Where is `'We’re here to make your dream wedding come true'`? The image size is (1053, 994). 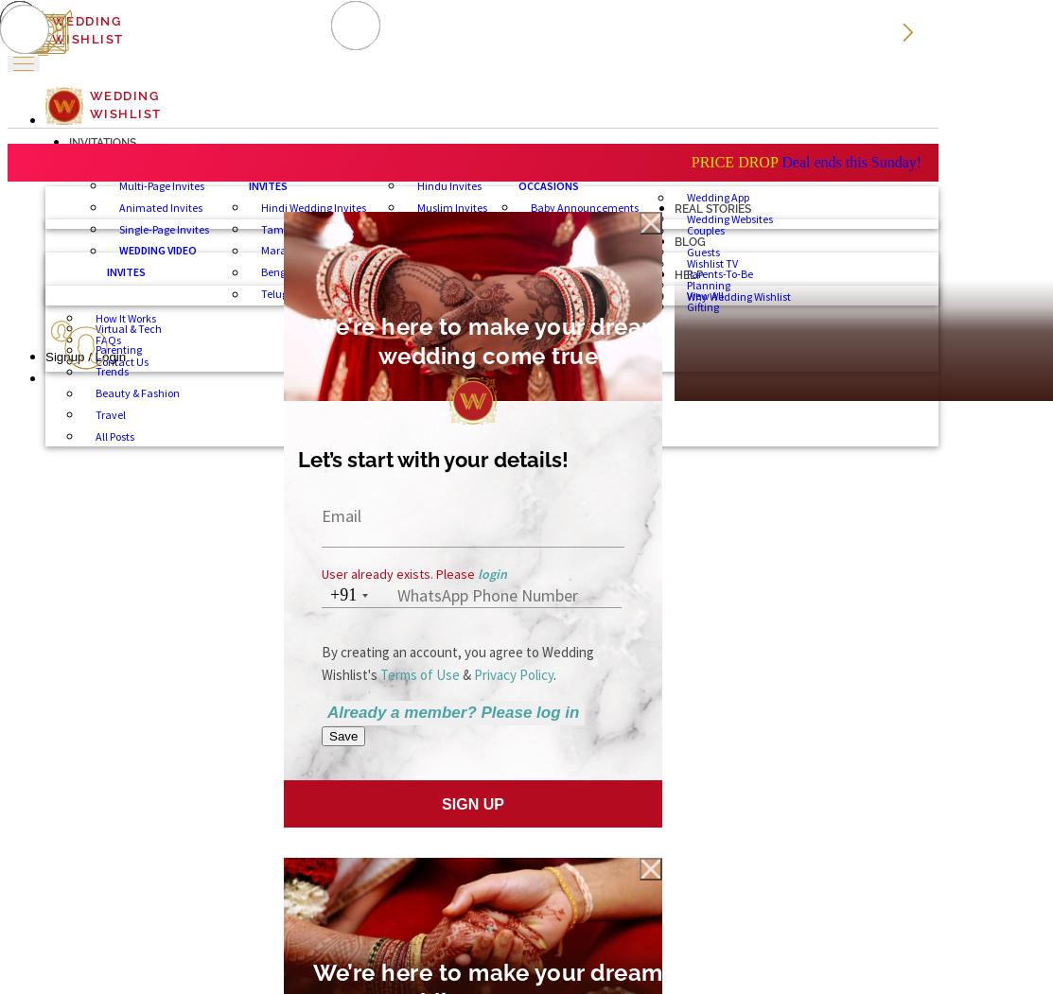
'We’re here to make your dream wedding come true' is located at coordinates (313, 340).